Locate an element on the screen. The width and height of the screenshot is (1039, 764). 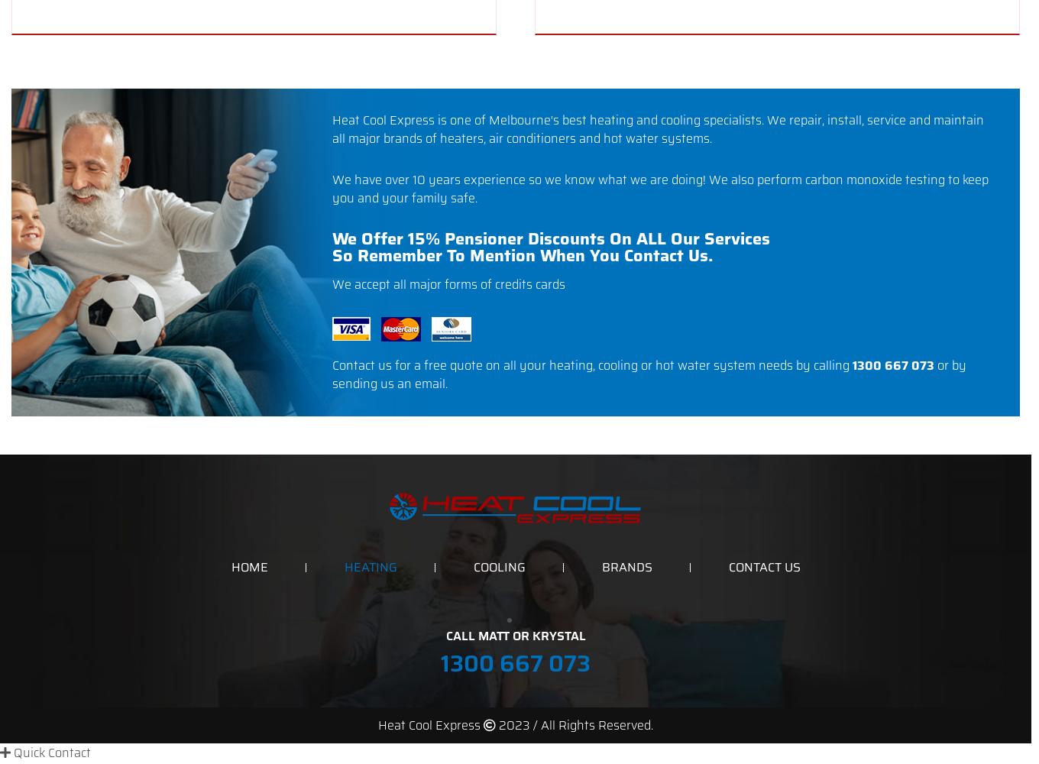
'Heat Cool Express' is located at coordinates (429, 724).